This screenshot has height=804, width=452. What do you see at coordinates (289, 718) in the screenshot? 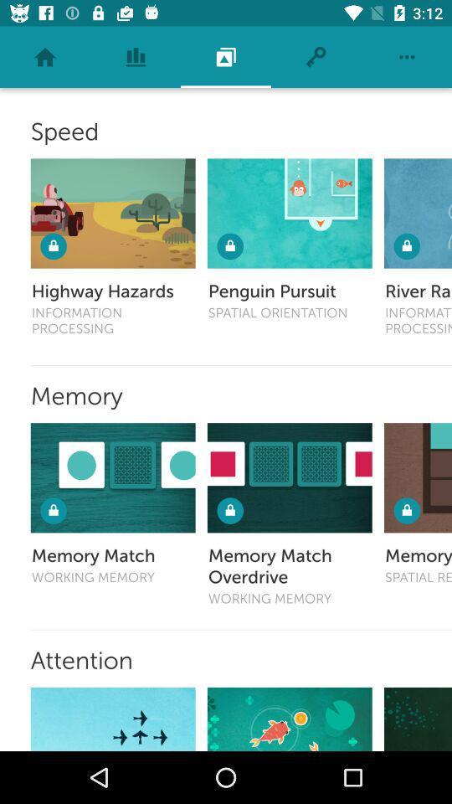
I see `open content` at bounding box center [289, 718].